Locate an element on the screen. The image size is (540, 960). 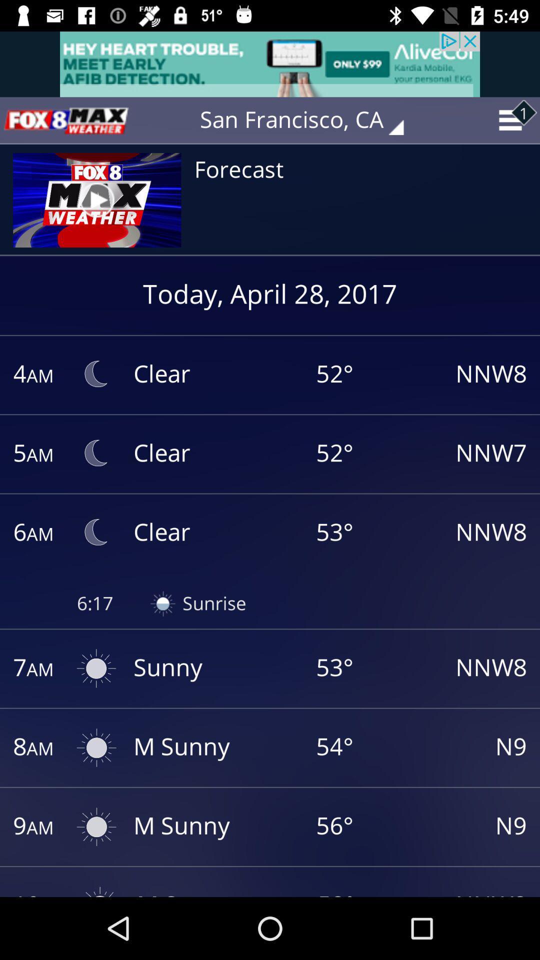
the videocam icon is located at coordinates (65, 120).